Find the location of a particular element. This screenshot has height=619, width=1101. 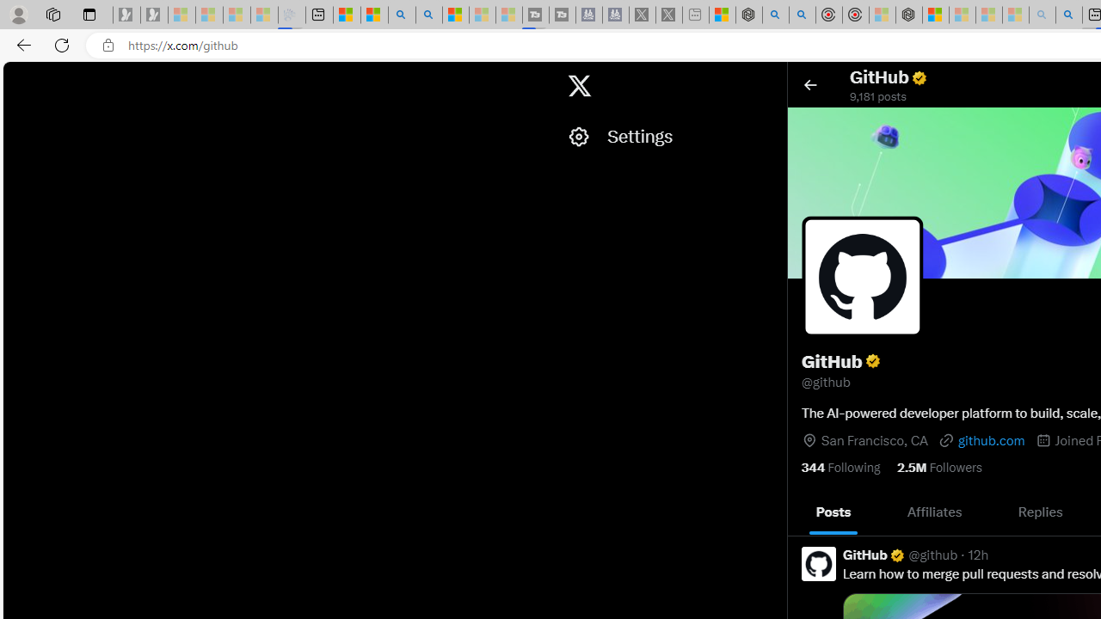

'GitHub Verified account' is located at coordinates (874, 555).